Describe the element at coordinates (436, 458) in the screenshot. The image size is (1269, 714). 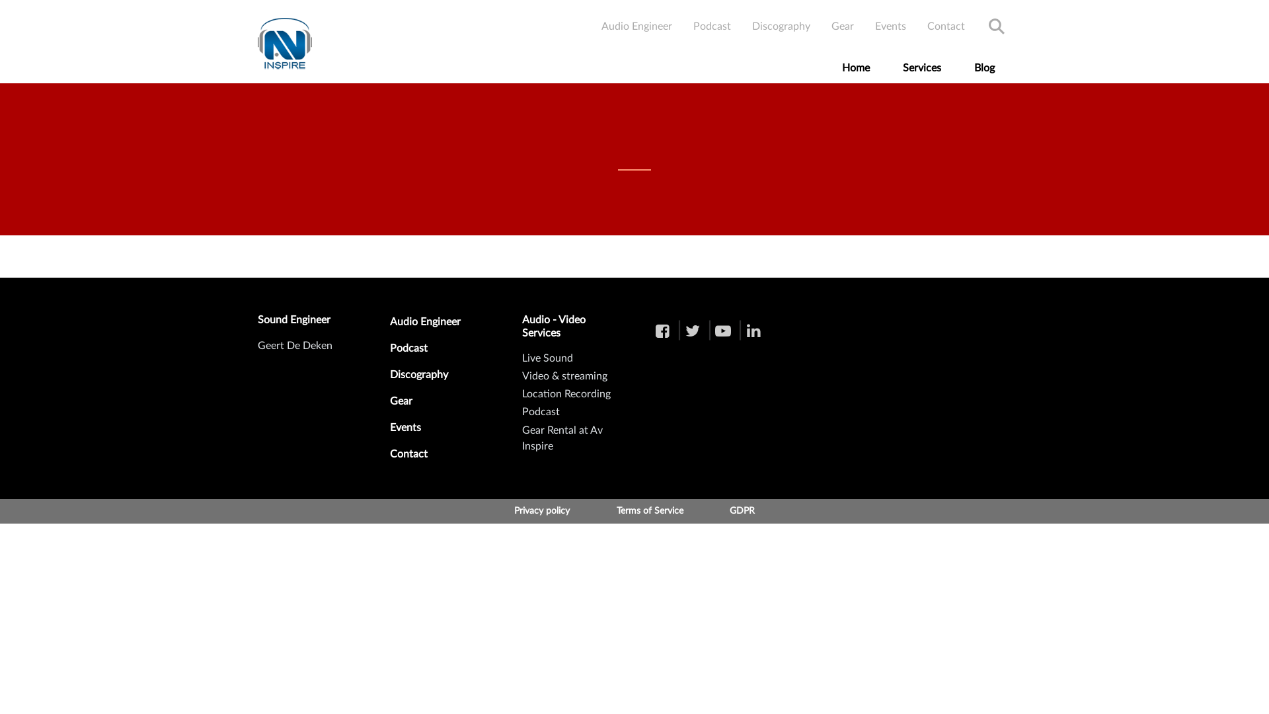
I see `'Contact'` at that location.